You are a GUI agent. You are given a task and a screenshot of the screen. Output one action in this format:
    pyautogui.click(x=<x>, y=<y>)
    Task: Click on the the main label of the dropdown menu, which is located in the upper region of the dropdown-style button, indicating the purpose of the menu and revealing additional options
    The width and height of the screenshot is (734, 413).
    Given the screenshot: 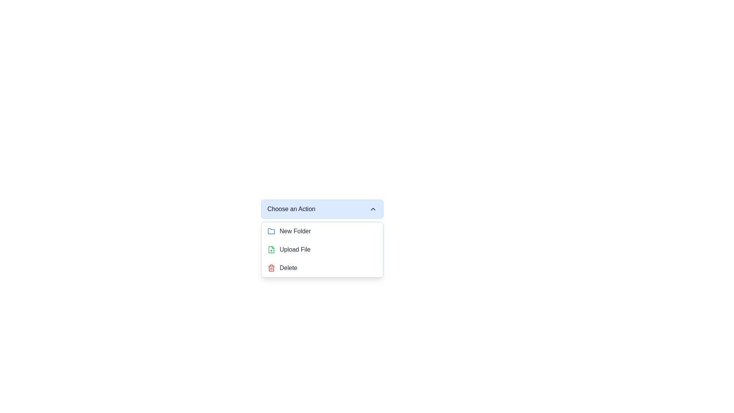 What is the action you would take?
    pyautogui.click(x=291, y=209)
    